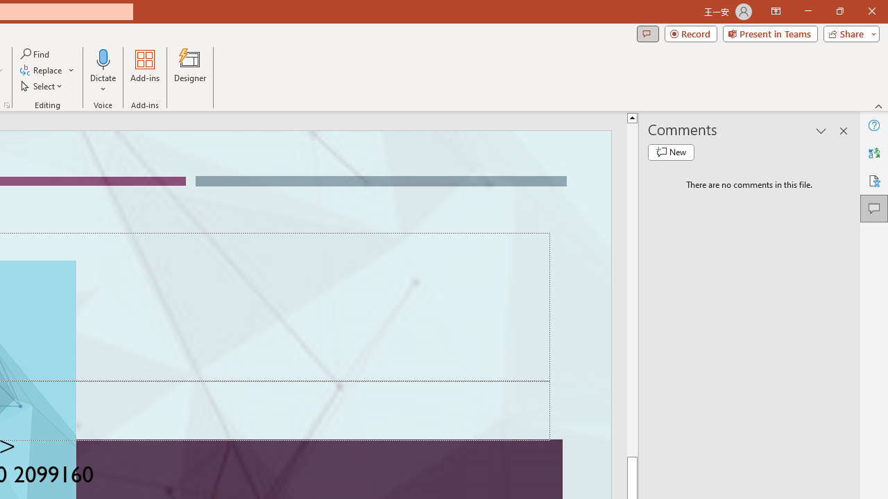 The width and height of the screenshot is (888, 499). I want to click on 'Designer', so click(189, 71).